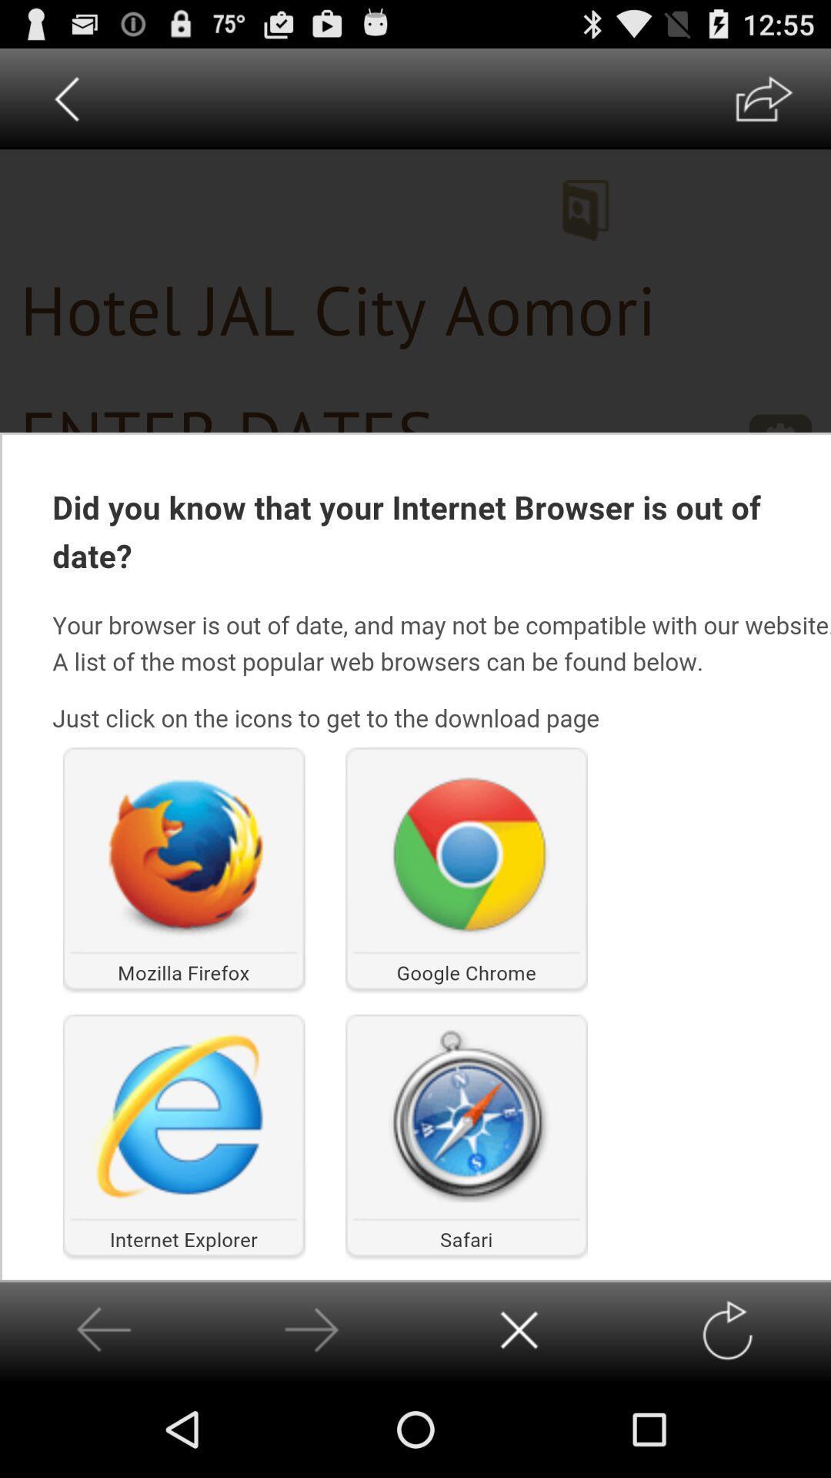  What do you see at coordinates (727, 1329) in the screenshot?
I see `refresh` at bounding box center [727, 1329].